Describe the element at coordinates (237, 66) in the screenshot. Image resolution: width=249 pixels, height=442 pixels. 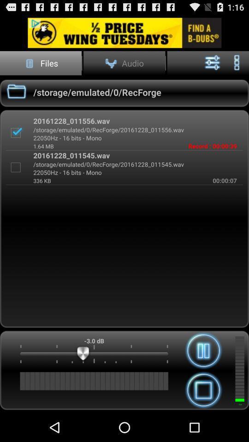
I see `the more icon` at that location.